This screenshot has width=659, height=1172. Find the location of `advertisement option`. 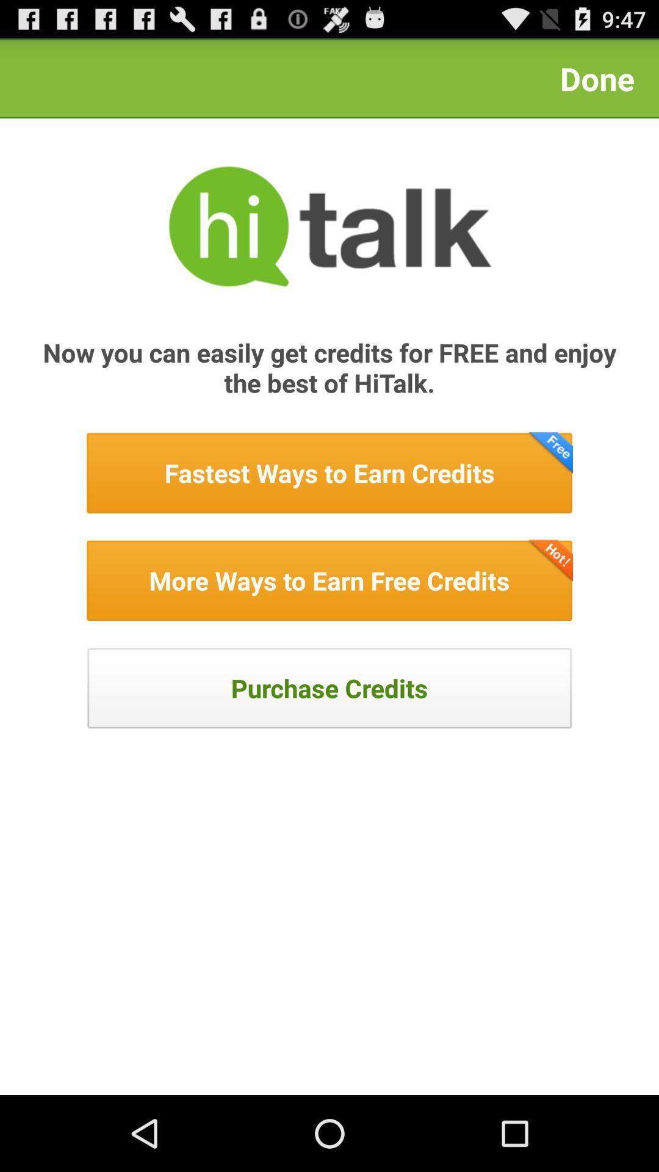

advertisement option is located at coordinates (329, 472).